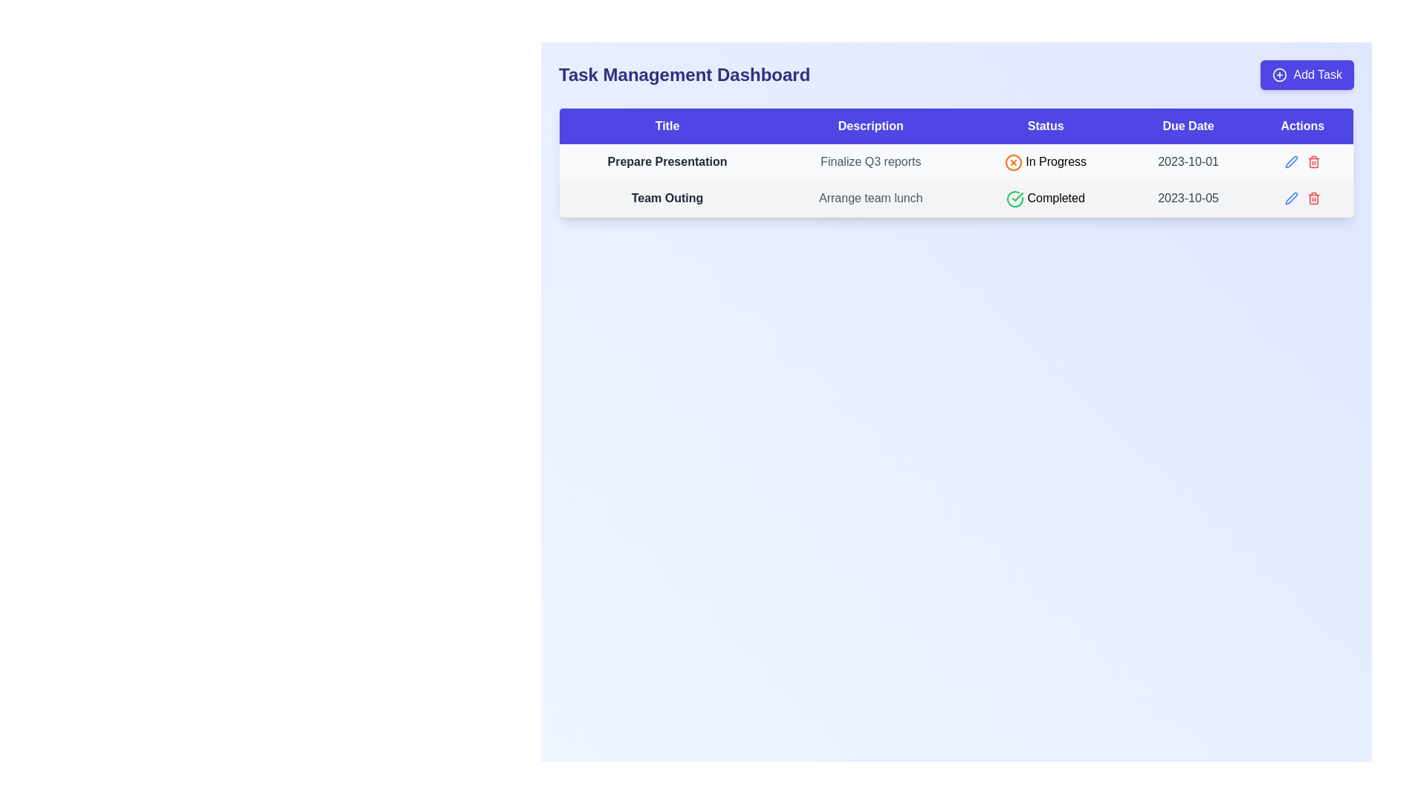 The width and height of the screenshot is (1427, 803). What do you see at coordinates (1313, 162) in the screenshot?
I see `the delete icon button located in the 'Actions' column of the first row of the table` at bounding box center [1313, 162].